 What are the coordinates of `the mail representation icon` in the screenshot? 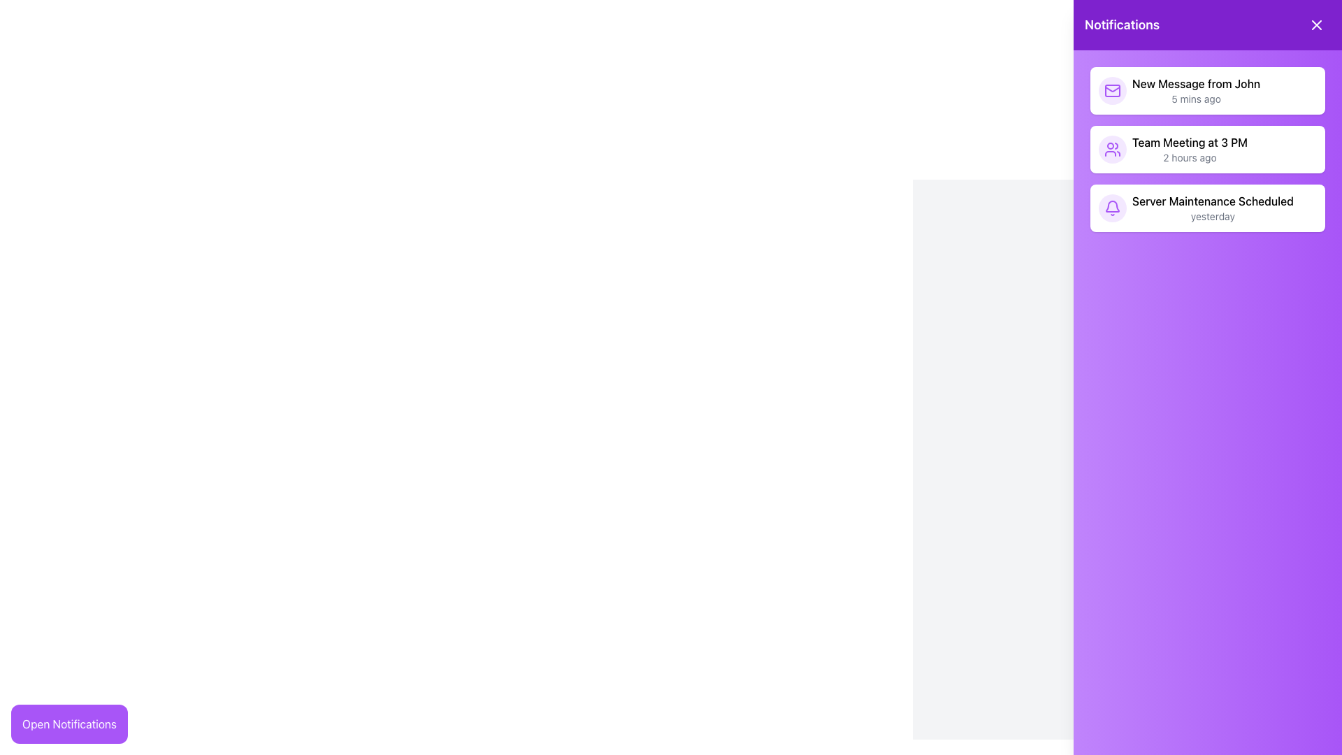 It's located at (1112, 91).